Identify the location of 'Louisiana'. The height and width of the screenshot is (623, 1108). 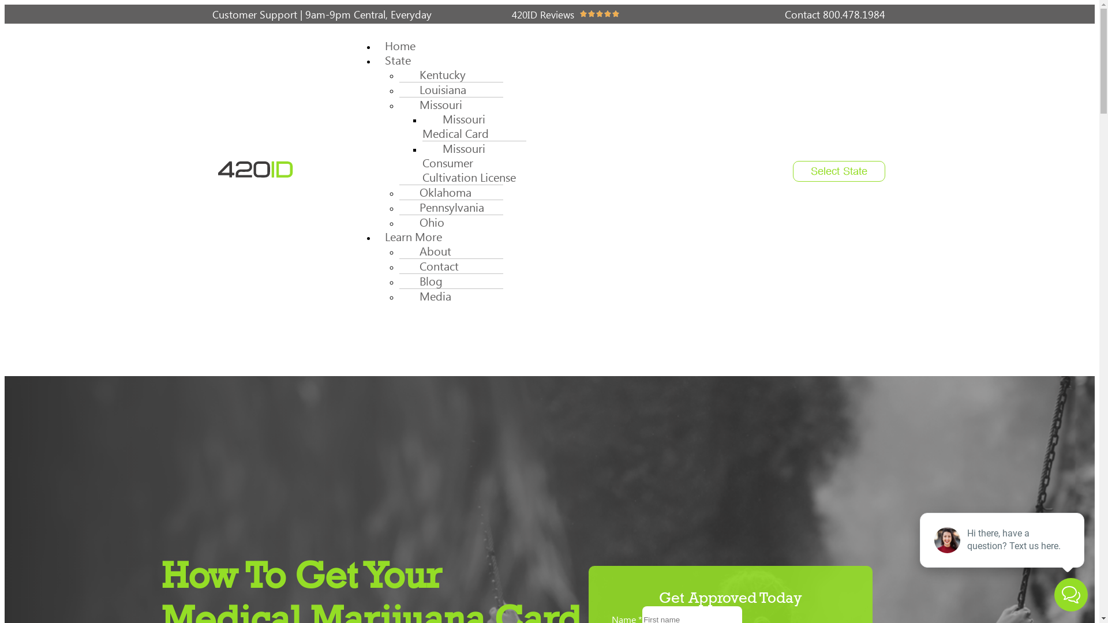
(399, 89).